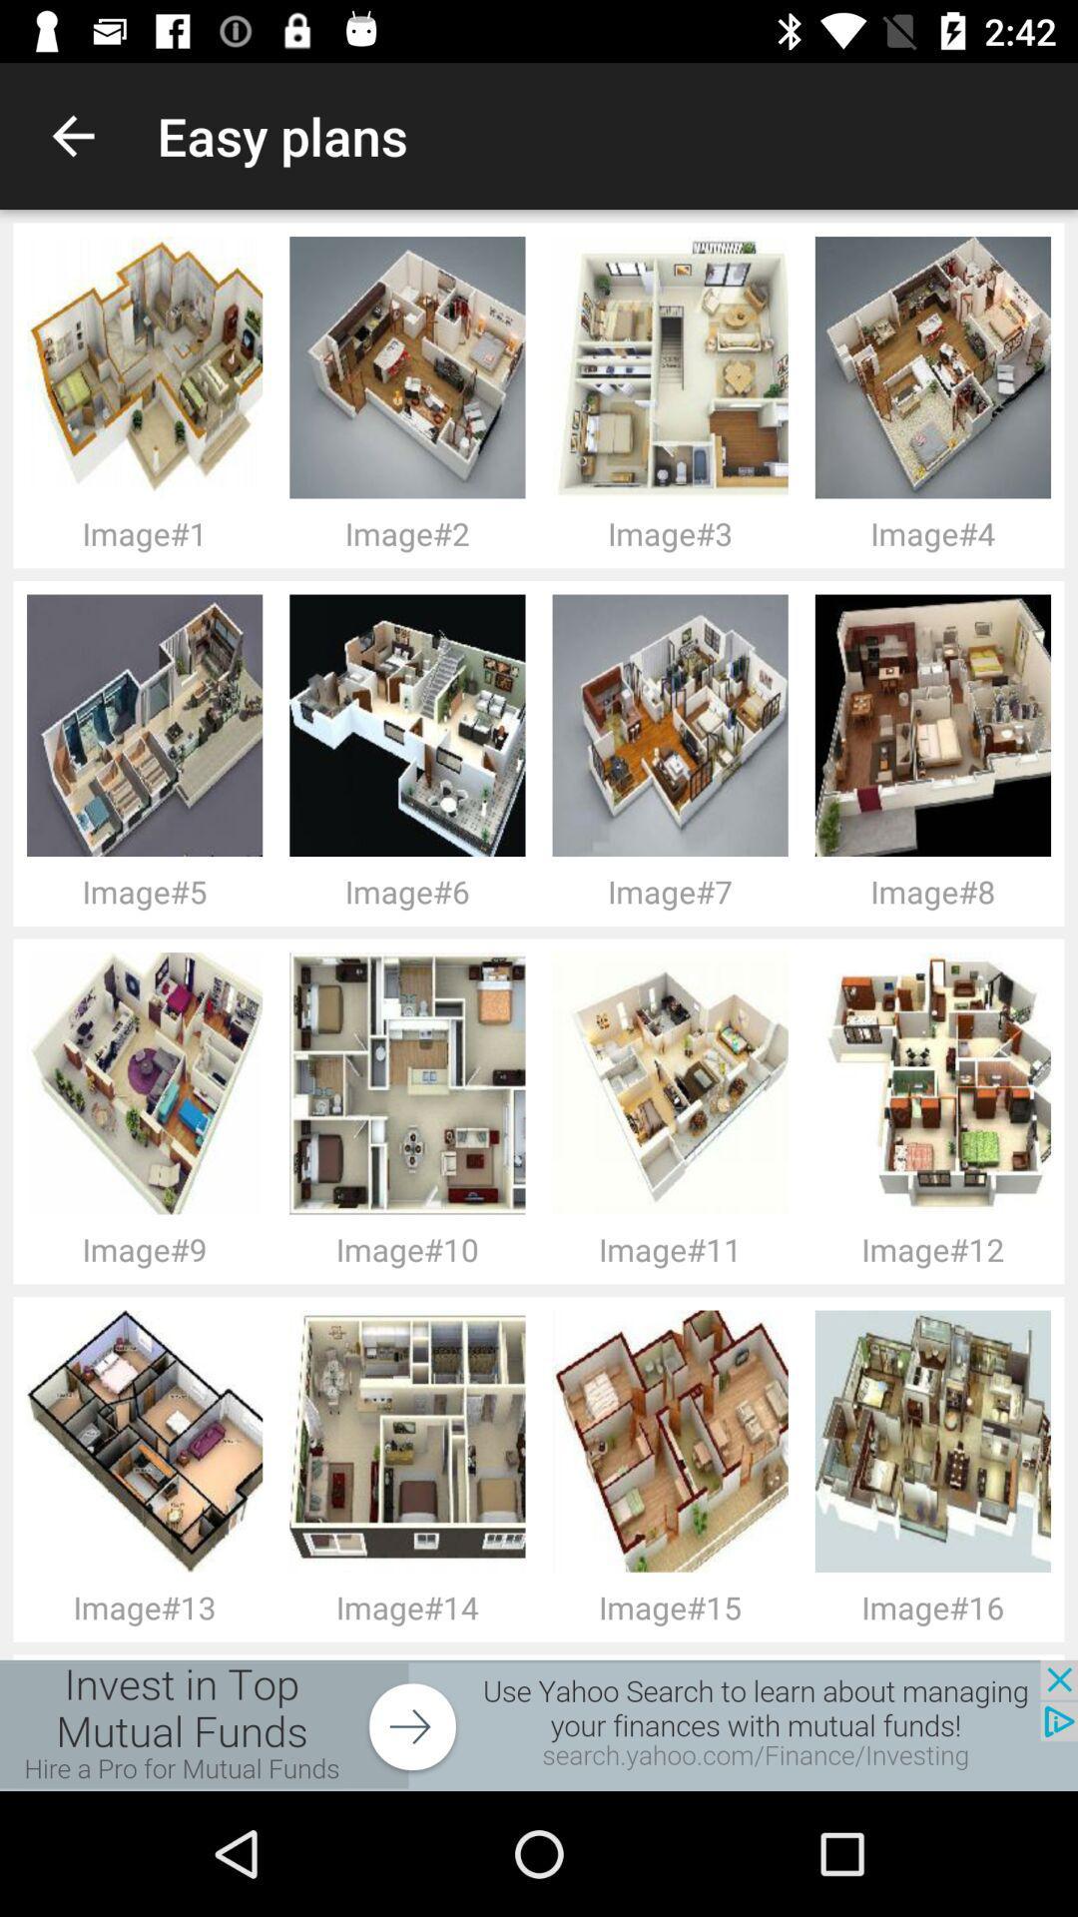 Image resolution: width=1078 pixels, height=1917 pixels. Describe the element at coordinates (150, 367) in the screenshot. I see `the image above image 1` at that location.